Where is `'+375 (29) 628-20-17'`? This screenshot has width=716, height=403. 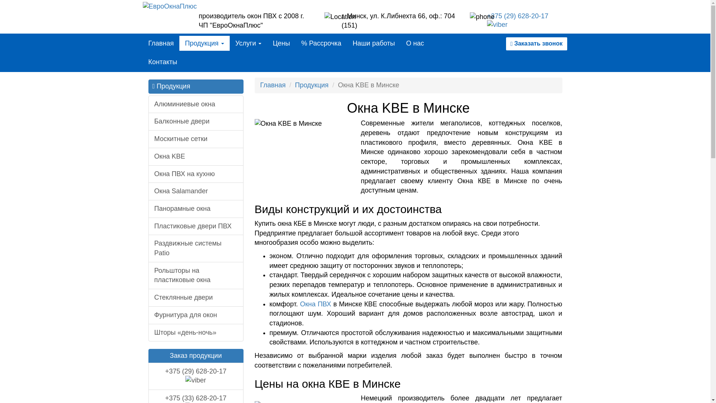
'+375 (29) 628-20-17' is located at coordinates (517, 21).